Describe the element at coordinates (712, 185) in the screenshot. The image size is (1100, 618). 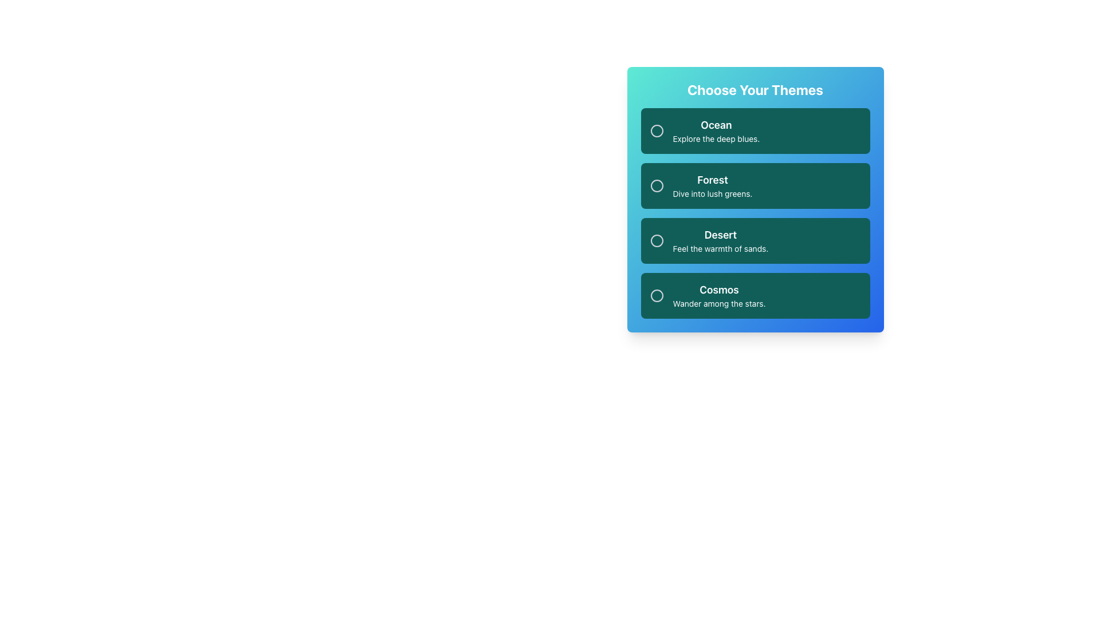
I see `the second selectable list item which contains the text 'Forest' in bold and 'Dive into lush greens.' in regular font, both centered within a teal-colored rectangle` at that location.